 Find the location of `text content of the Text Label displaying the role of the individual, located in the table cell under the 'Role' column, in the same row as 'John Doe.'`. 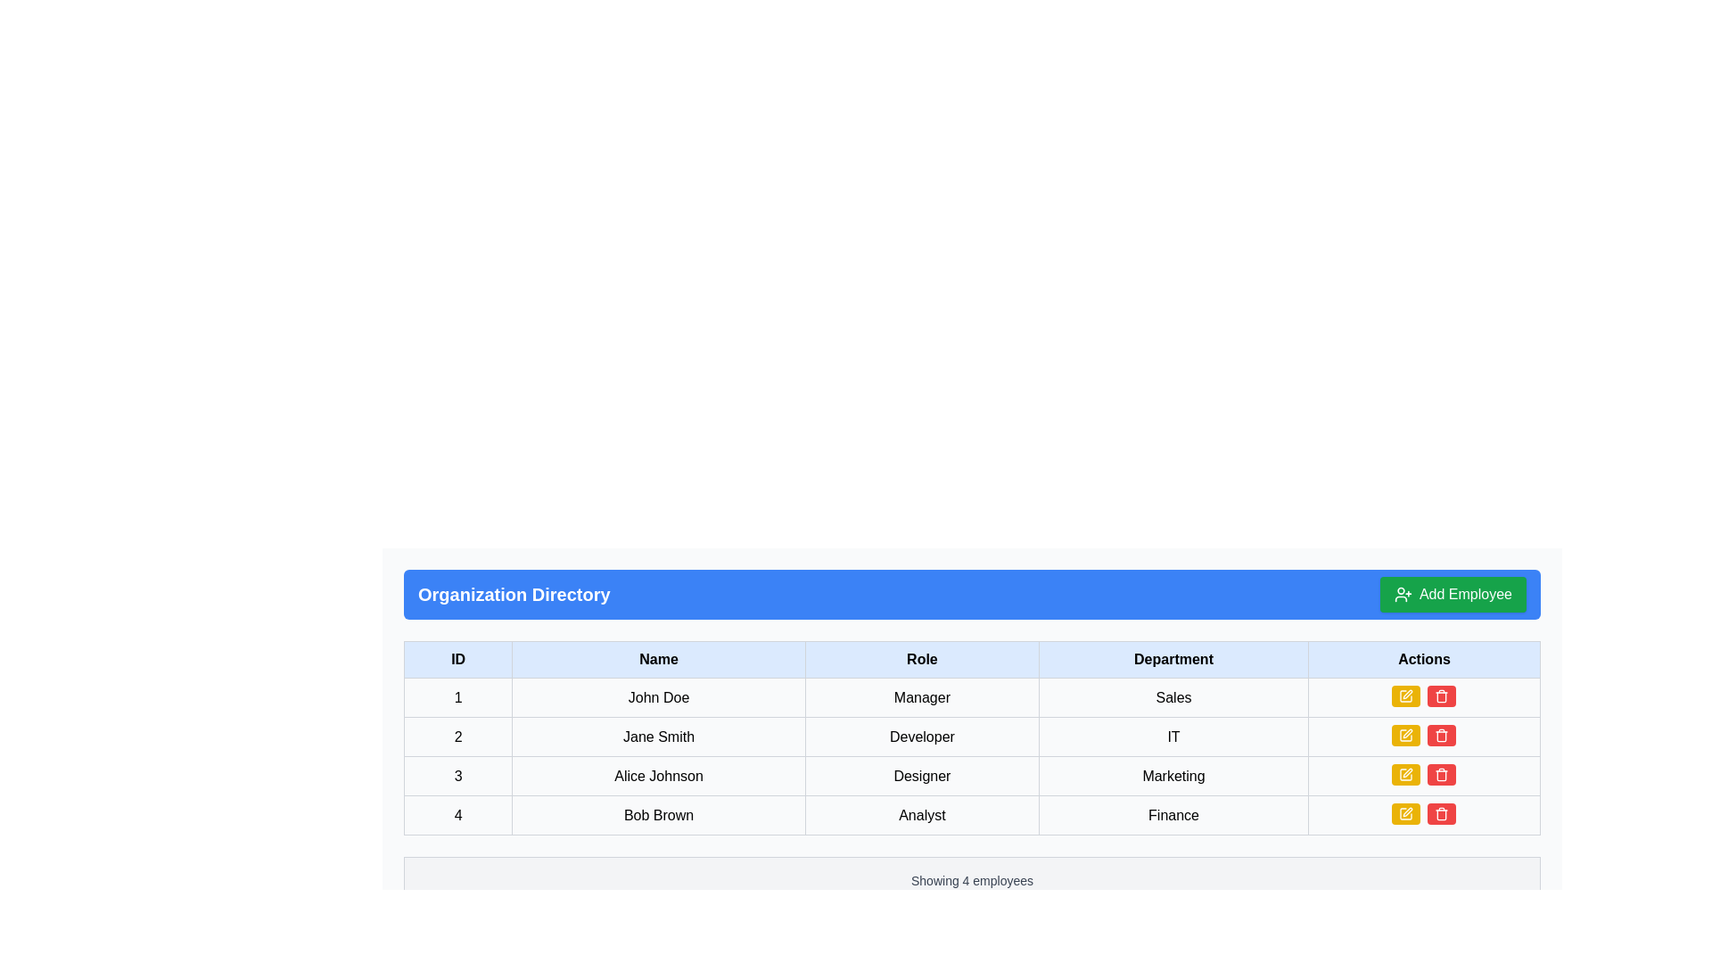

text content of the Text Label displaying the role of the individual, located in the table cell under the 'Role' column, in the same row as 'John Doe.' is located at coordinates (922, 696).